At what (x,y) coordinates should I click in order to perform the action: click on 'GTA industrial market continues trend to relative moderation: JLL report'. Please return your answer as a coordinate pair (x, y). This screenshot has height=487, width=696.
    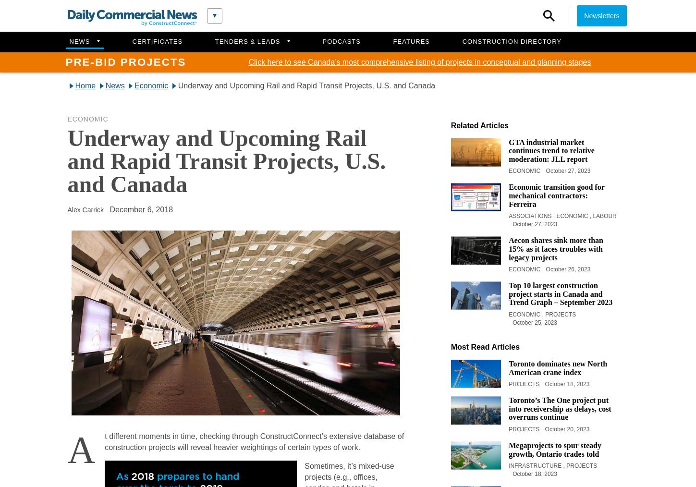
    Looking at the image, I should click on (551, 150).